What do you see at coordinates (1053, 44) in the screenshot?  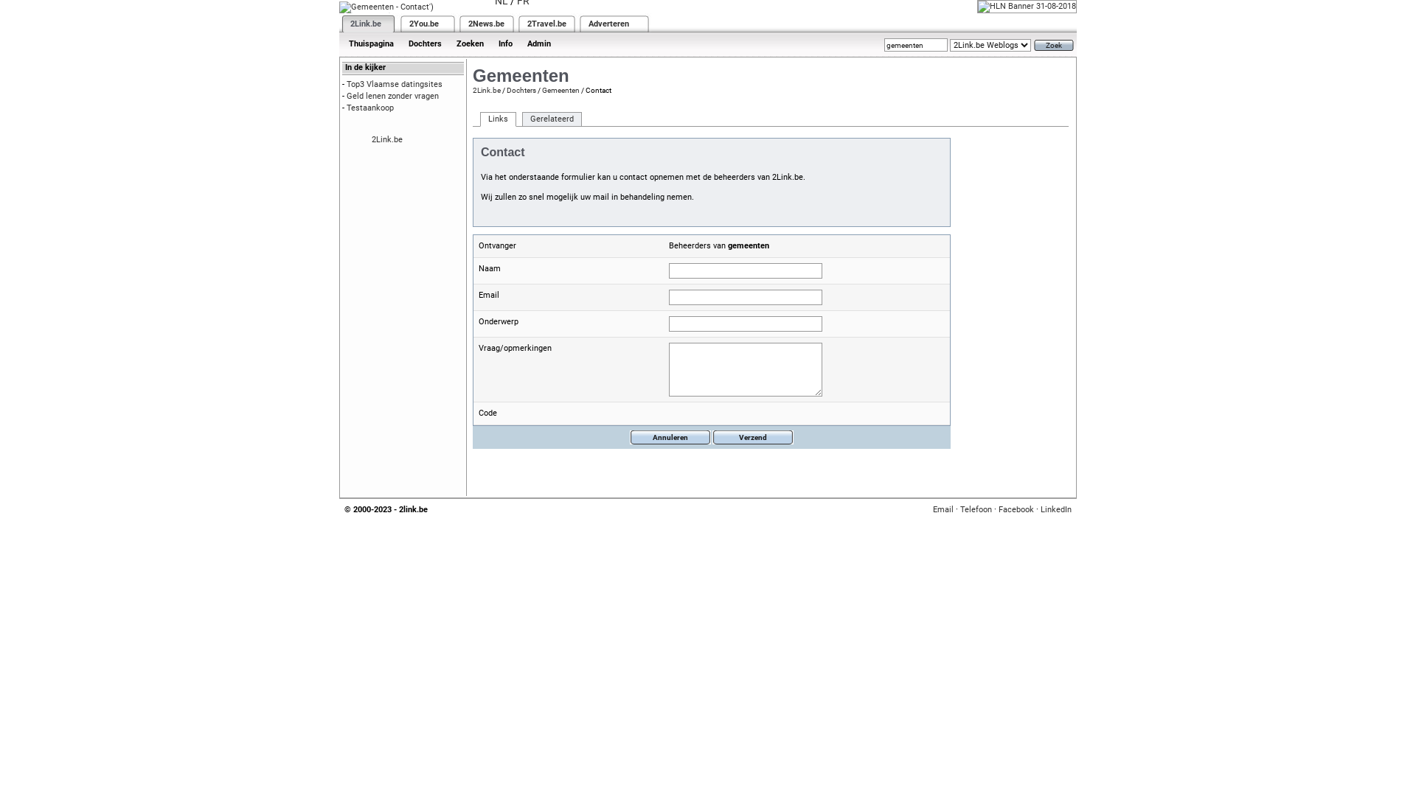 I see `'Zoek'` at bounding box center [1053, 44].